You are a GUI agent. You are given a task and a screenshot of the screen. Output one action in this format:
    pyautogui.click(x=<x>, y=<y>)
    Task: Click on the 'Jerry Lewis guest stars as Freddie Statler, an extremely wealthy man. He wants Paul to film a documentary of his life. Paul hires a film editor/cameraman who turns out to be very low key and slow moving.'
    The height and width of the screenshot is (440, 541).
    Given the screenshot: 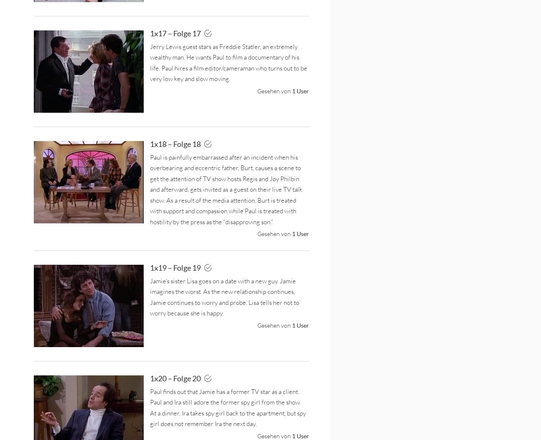 What is the action you would take?
    pyautogui.click(x=229, y=62)
    